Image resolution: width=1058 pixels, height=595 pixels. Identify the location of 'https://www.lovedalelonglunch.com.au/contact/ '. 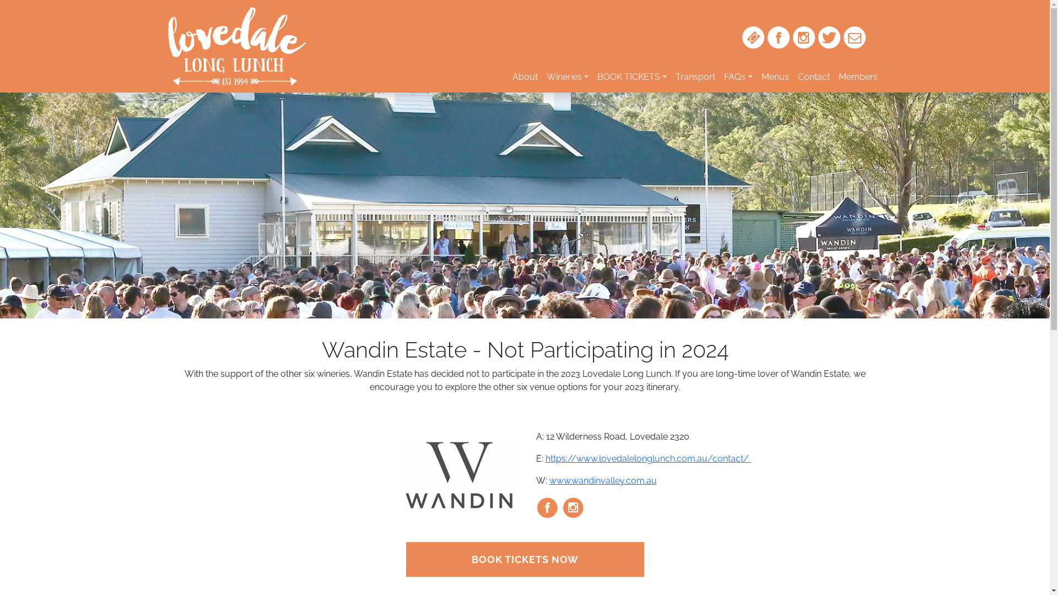
(648, 458).